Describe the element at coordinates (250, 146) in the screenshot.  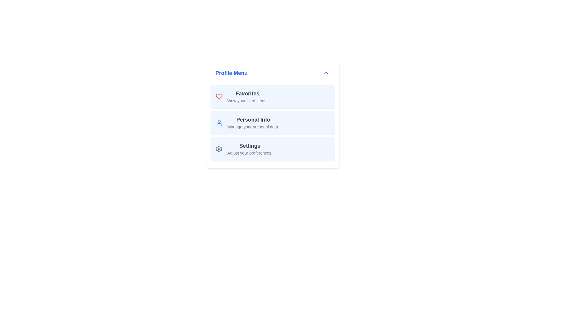
I see `the 'Settings' text label in the profile menu card, which is bold and gray, located between 'Personal Info' and 'Adjust your preferences.'` at that location.